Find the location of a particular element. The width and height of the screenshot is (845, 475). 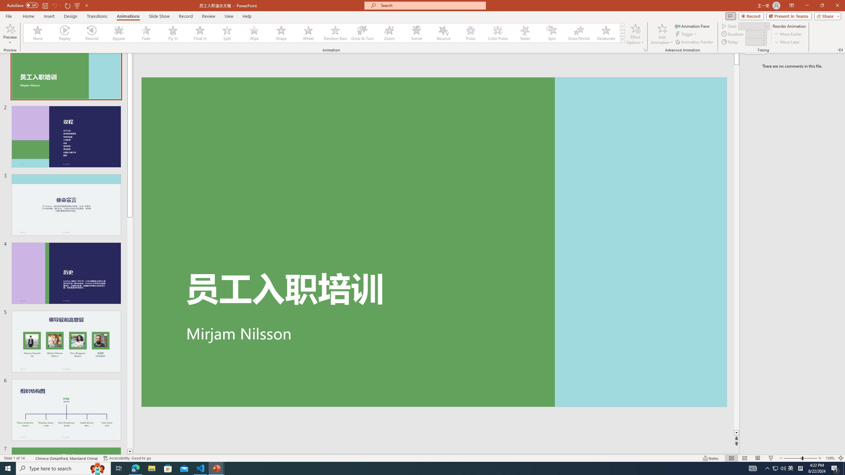

'Action Center, 1 new notification' is located at coordinates (835, 468).